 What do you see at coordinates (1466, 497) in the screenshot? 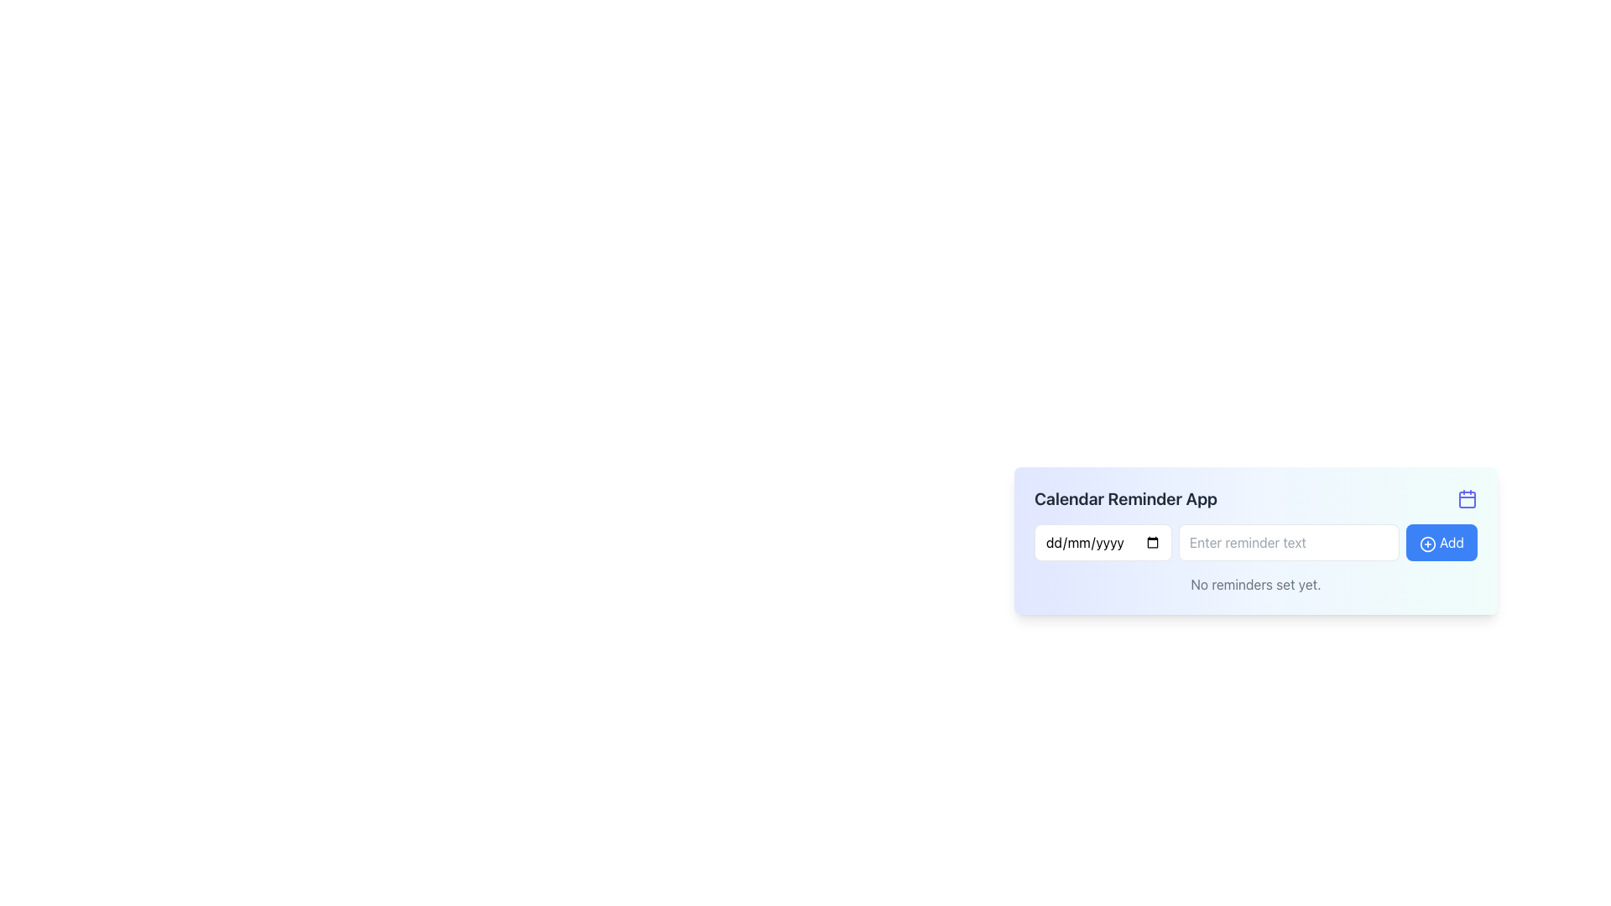
I see `the calendar indicator icon located in the top-right corner of the containing box for additional actions or features` at bounding box center [1466, 497].